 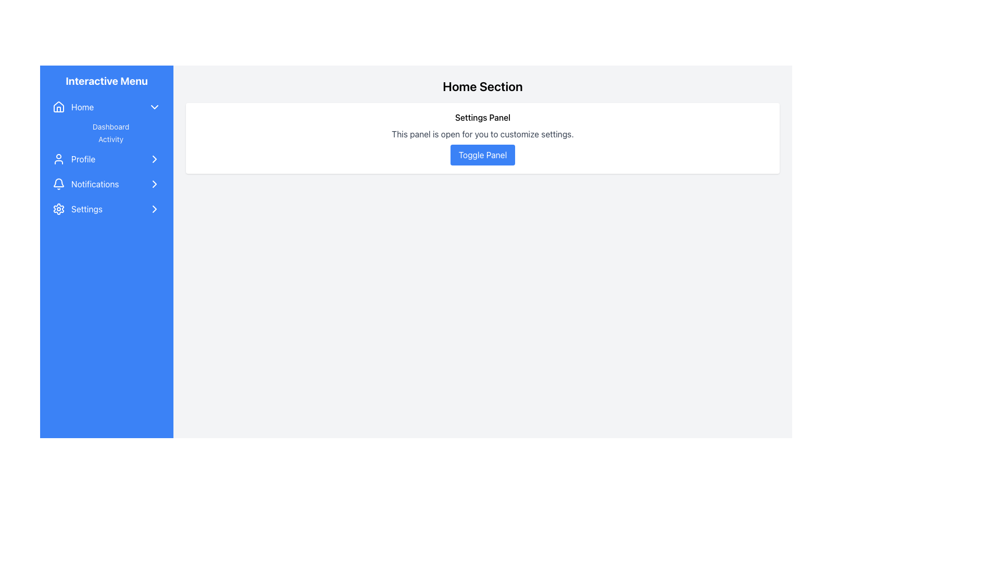 I want to click on the Chevron-shaped SVG icon next to the 'Profile' label in the vertical navigation bar to trigger tooltips or visual emphasis, so click(x=154, y=159).